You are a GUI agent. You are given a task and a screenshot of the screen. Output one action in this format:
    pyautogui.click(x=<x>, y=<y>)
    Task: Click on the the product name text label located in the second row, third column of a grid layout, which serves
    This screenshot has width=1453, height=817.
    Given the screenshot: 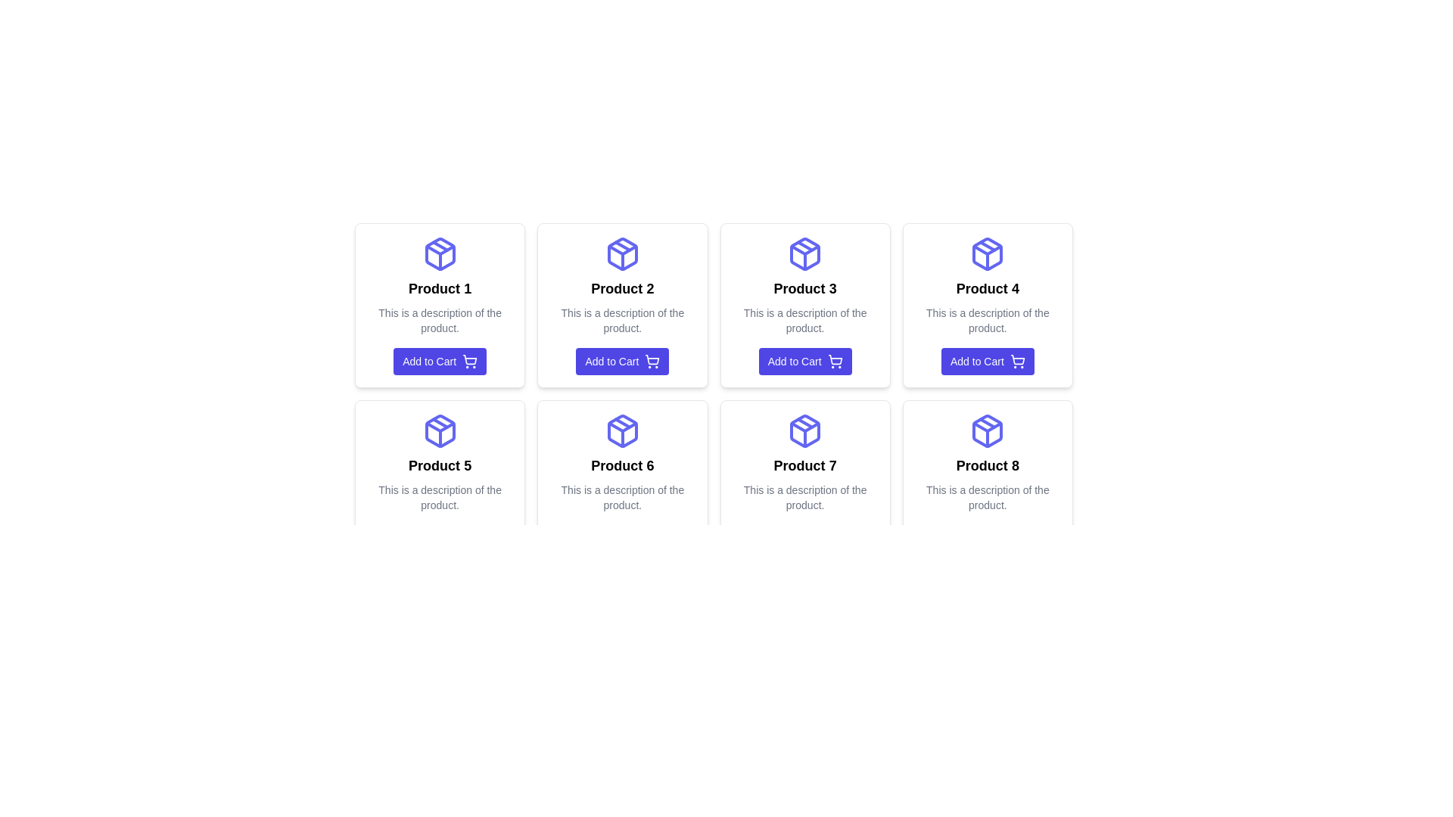 What is the action you would take?
    pyautogui.click(x=804, y=465)
    